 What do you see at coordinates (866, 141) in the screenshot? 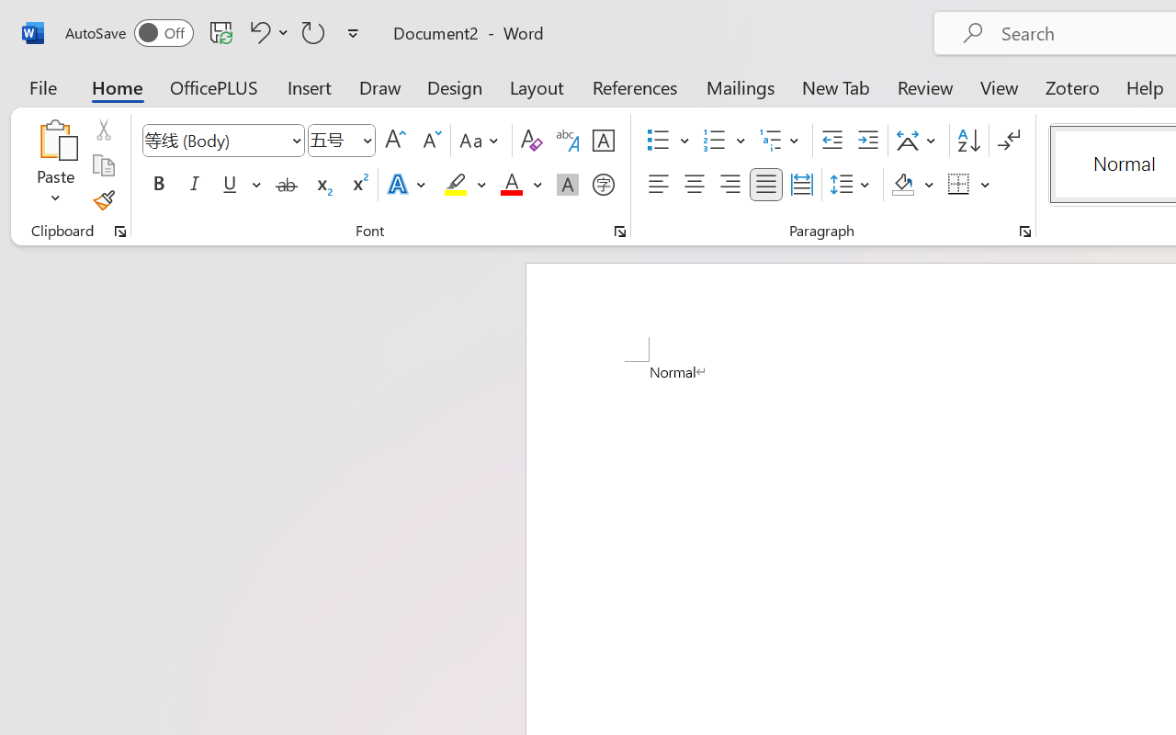
I see `'Increase Indent'` at bounding box center [866, 141].